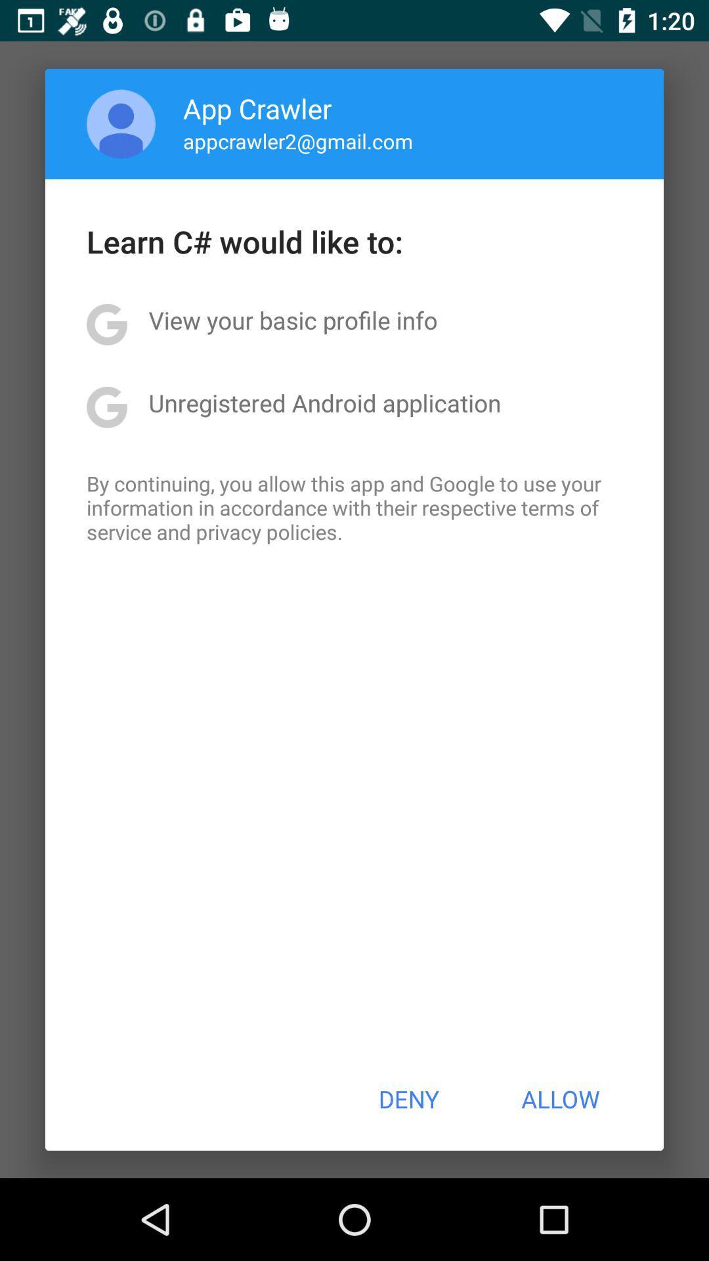 This screenshot has height=1261, width=709. What do you see at coordinates (408, 1099) in the screenshot?
I see `the icon next to allow icon` at bounding box center [408, 1099].